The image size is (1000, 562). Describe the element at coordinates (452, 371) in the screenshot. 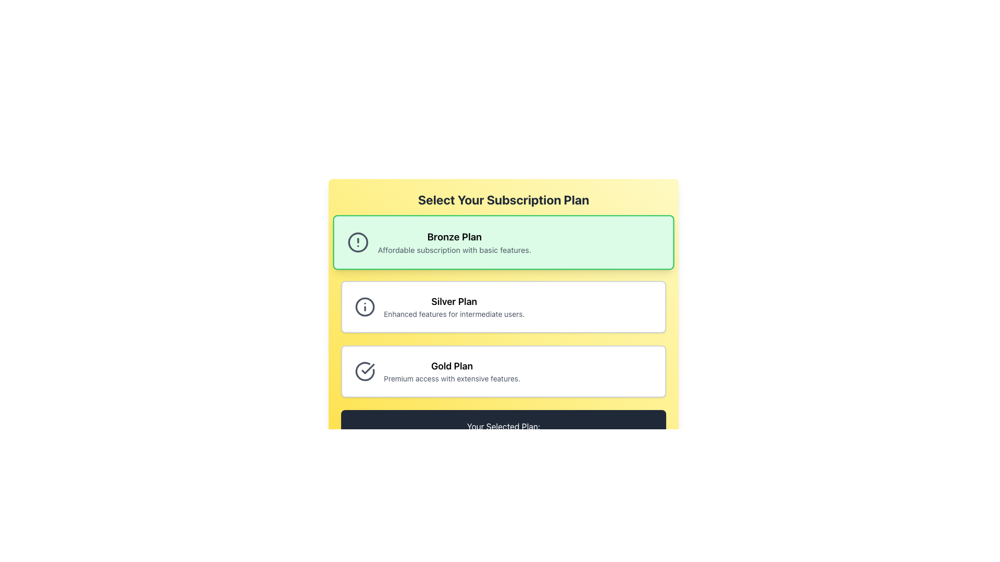

I see `the text content within the 'Gold Plan' card` at that location.